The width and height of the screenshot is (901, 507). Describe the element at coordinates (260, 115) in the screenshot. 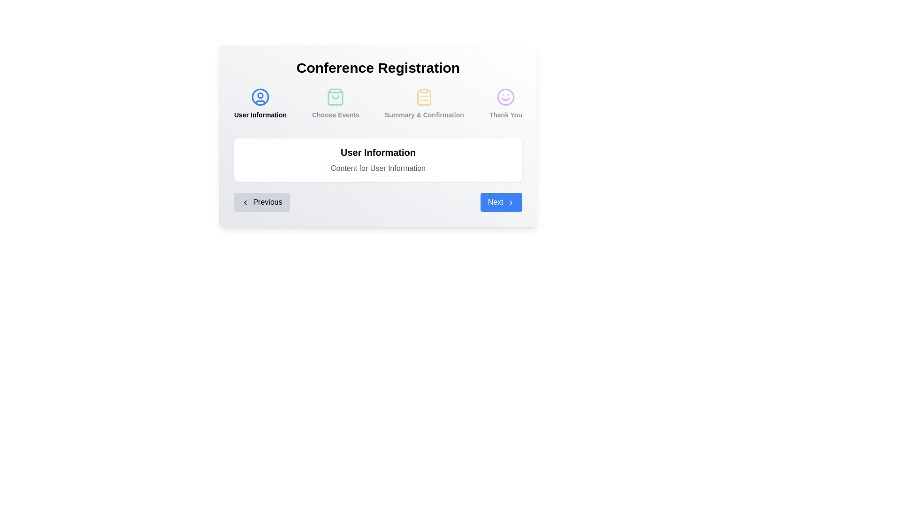

I see `the text label reading 'User Information' for copying, which is styled in a small bold font and positioned below a user icon` at that location.